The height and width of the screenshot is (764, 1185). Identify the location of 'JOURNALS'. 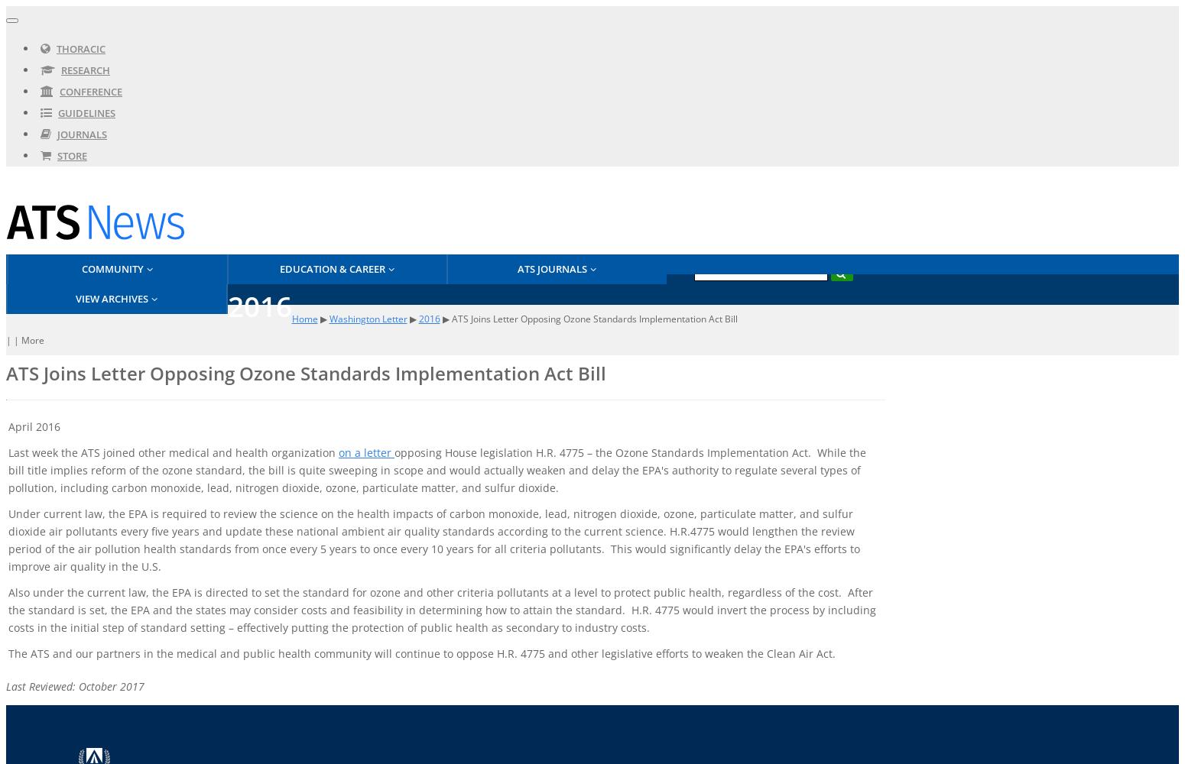
(82, 134).